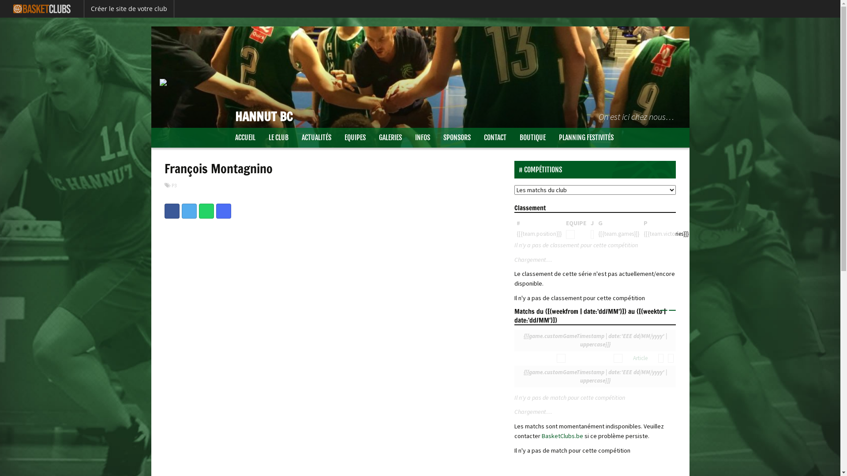 The image size is (847, 476). I want to click on 'BasketClubs.be', so click(541, 435).